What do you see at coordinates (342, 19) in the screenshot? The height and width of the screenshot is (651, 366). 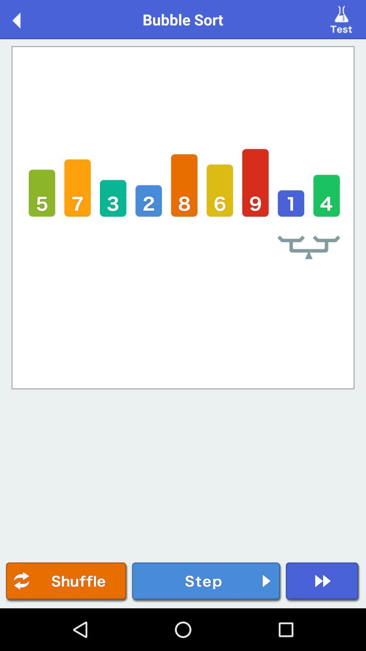 I see `the icon next to the bubble sort item` at bounding box center [342, 19].